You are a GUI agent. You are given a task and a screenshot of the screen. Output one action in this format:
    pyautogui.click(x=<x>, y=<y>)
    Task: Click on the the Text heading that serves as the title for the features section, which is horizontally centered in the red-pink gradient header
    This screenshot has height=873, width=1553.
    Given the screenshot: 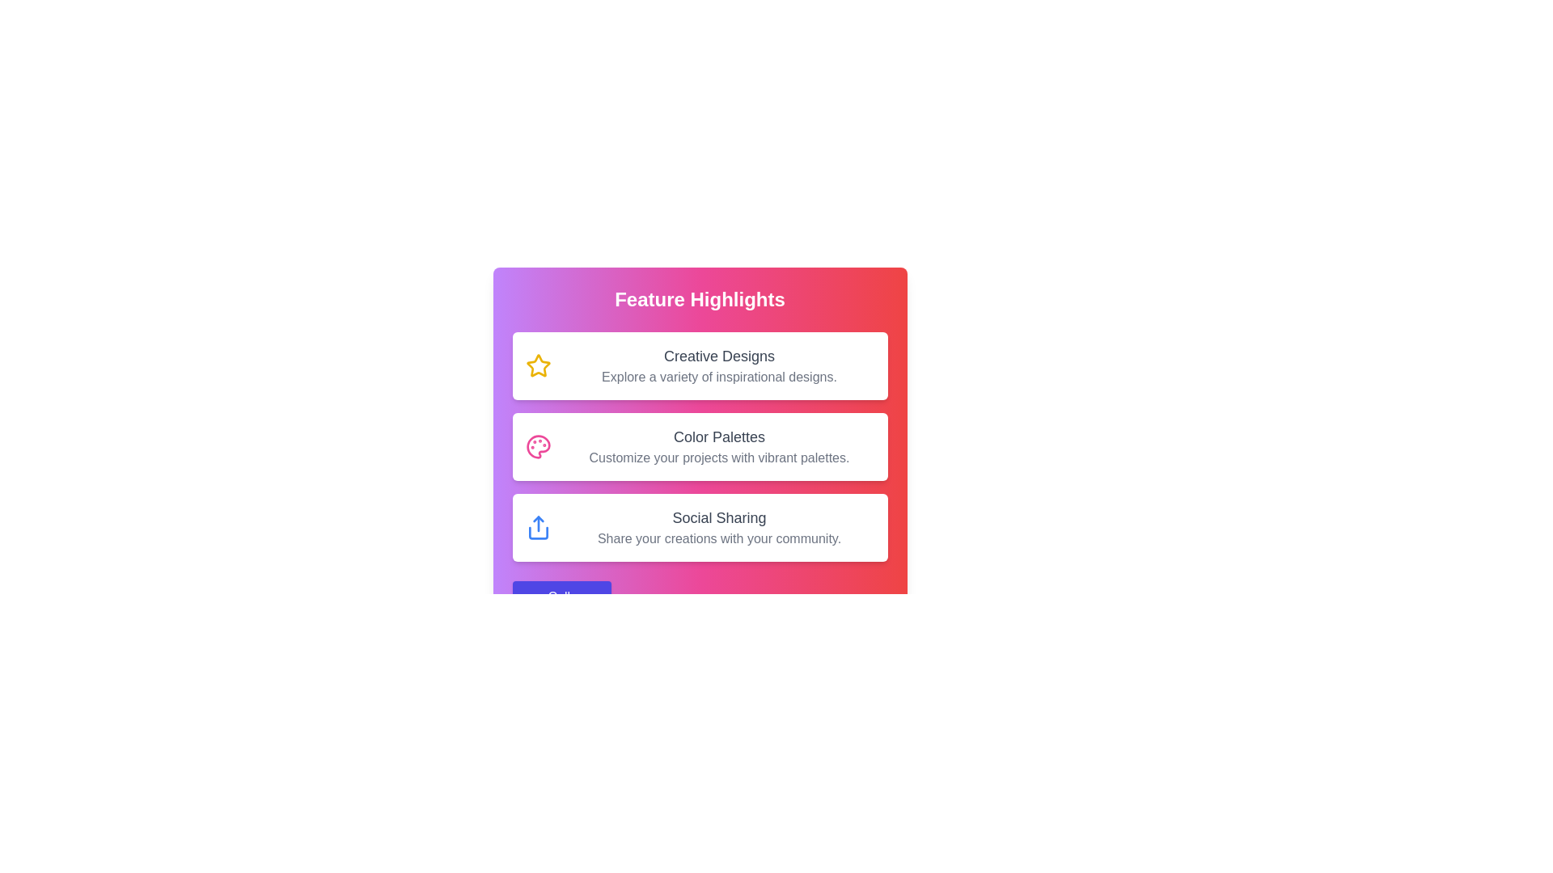 What is the action you would take?
    pyautogui.click(x=700, y=299)
    